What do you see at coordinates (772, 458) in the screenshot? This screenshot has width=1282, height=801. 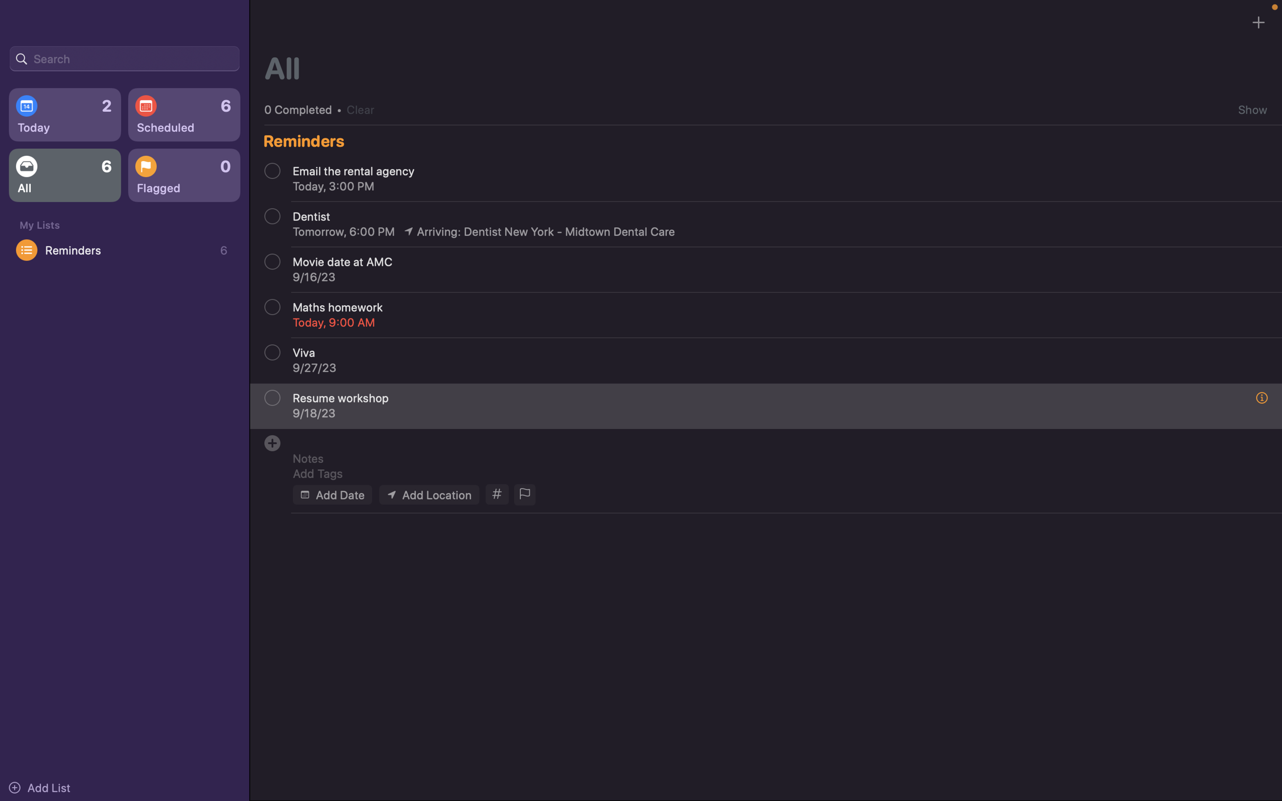 I see `Incorporate a note stating "bring textbook" to the event` at bounding box center [772, 458].